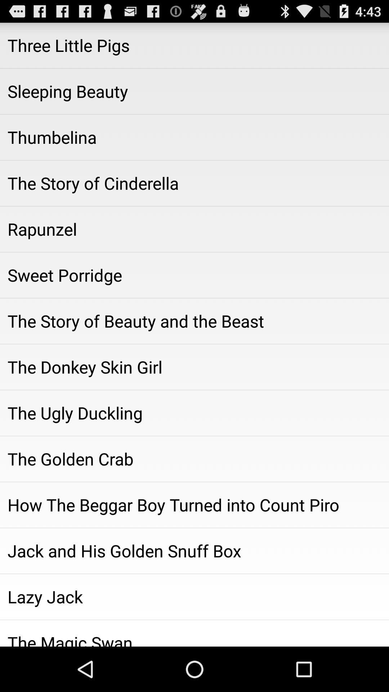 Image resolution: width=389 pixels, height=692 pixels. Describe the element at coordinates (194, 91) in the screenshot. I see `the icon above thumbelina` at that location.